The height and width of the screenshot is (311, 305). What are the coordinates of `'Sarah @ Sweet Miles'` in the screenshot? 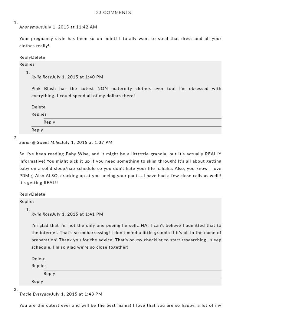 It's located at (40, 142).